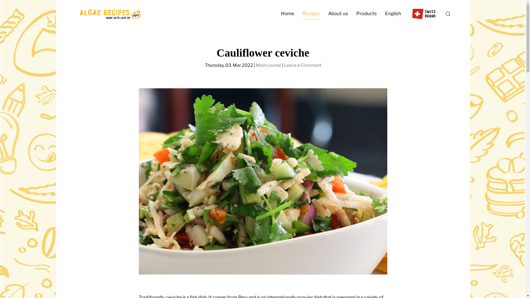  I want to click on 'English', so click(393, 14).